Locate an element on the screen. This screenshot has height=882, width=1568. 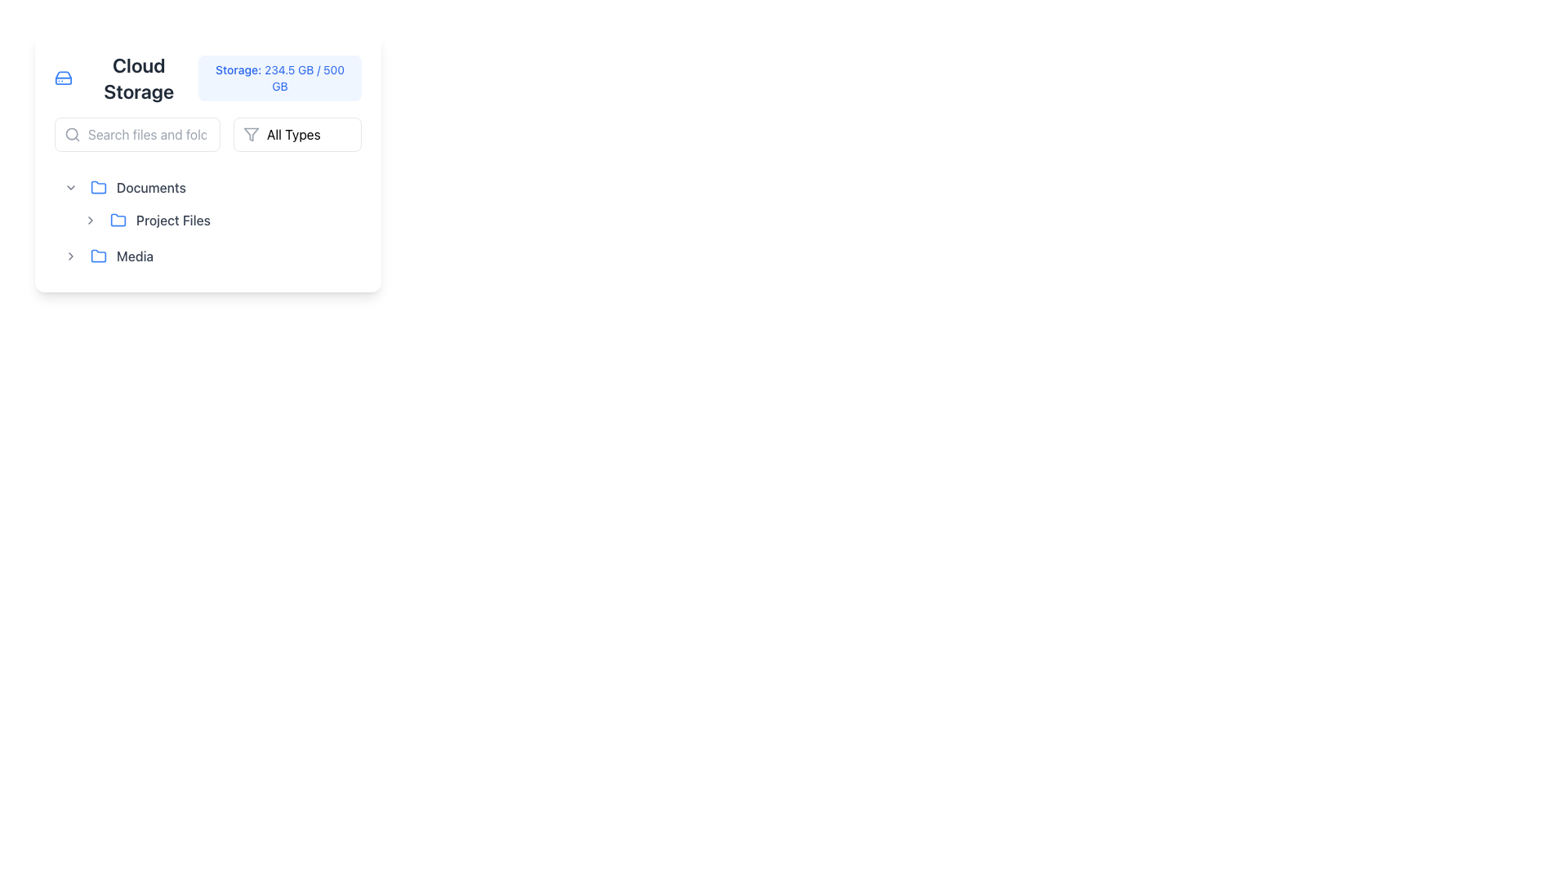
the small right-facing chevron icon, which is a vector graphic element used as an indicator for expandable items, located to the left of the 'Project Files' label is located at coordinates (89, 220).